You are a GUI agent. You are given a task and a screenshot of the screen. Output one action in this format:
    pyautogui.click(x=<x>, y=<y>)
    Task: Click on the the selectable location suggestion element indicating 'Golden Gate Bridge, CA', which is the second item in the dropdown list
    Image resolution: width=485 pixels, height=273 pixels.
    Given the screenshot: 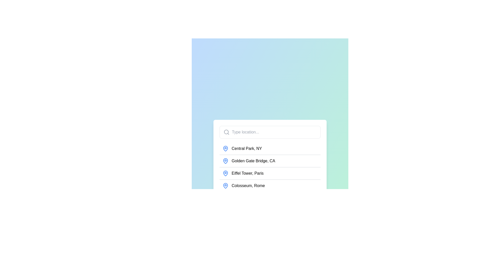 What is the action you would take?
    pyautogui.click(x=253, y=161)
    